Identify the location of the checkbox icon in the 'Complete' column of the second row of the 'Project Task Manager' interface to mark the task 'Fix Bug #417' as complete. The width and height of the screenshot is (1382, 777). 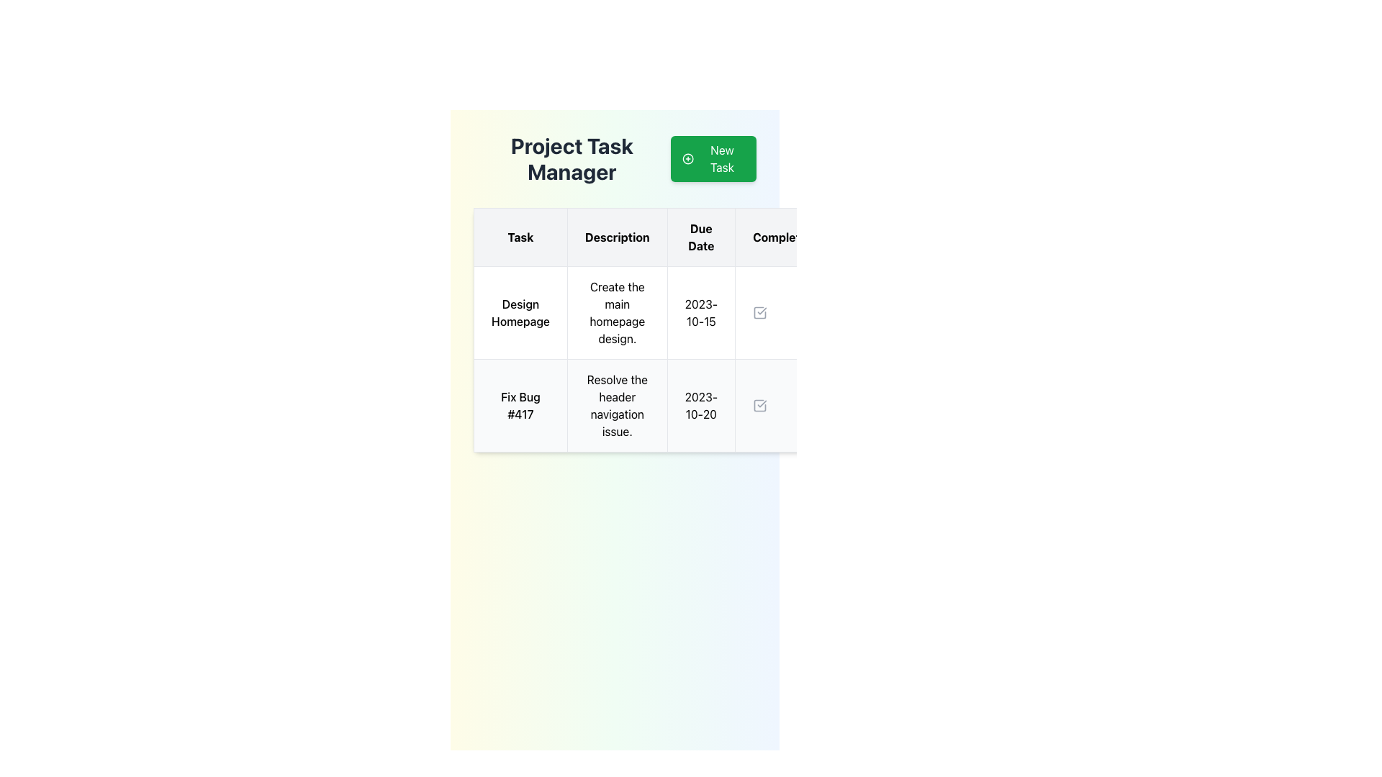
(759, 405).